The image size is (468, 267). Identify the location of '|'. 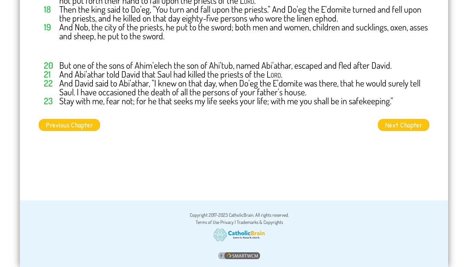
(235, 222).